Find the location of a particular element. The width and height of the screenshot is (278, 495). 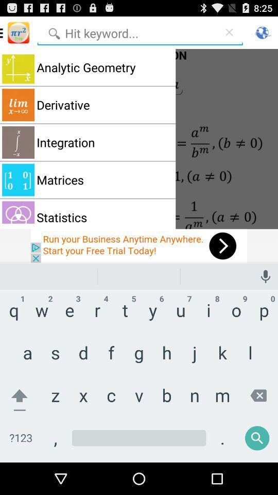

spacebar is located at coordinates (139, 445).